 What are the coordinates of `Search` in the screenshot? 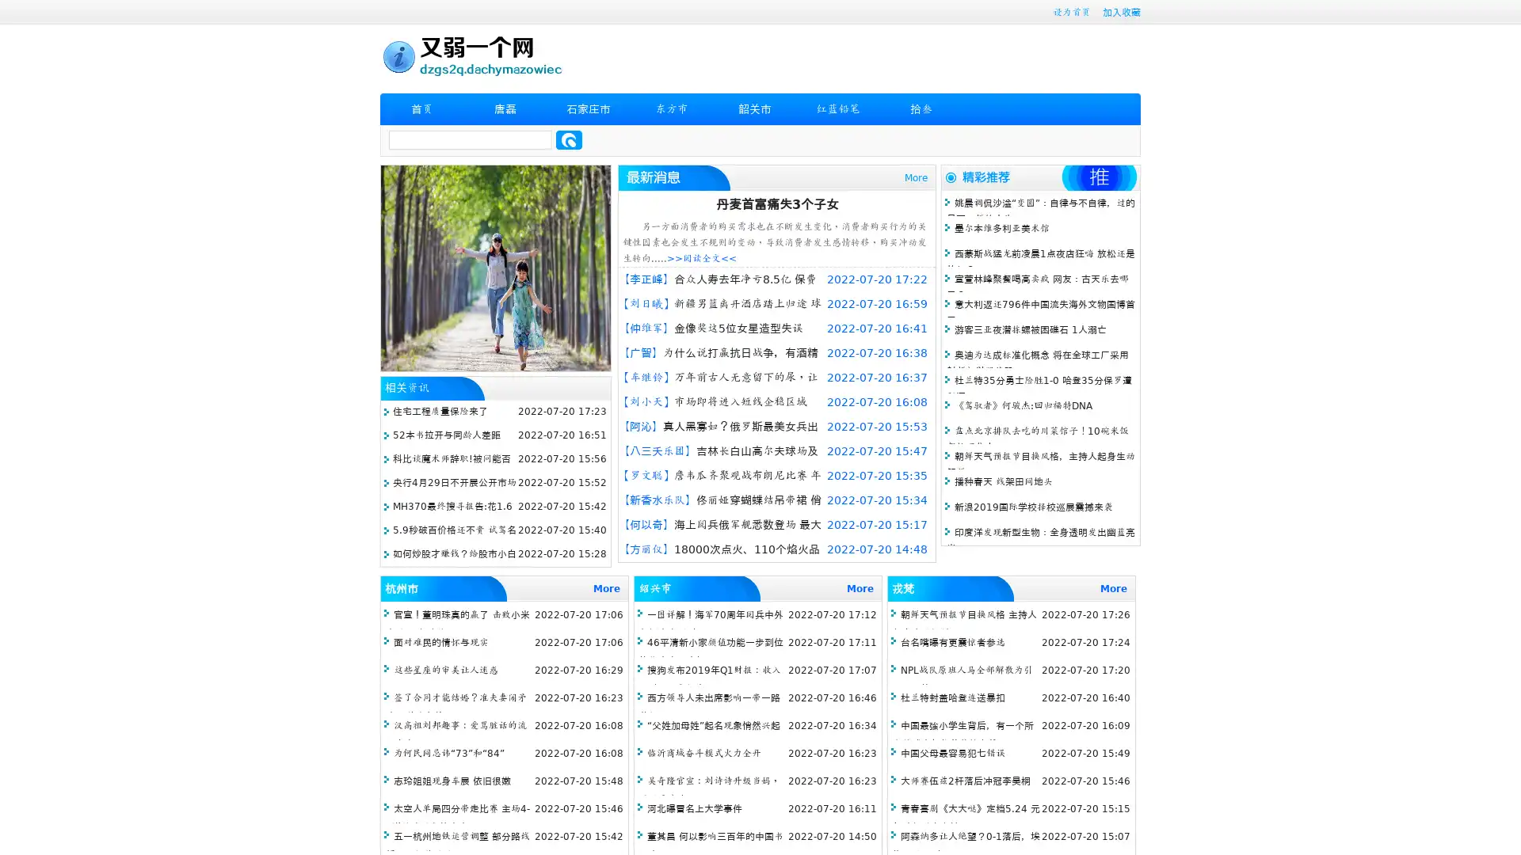 It's located at (569, 139).